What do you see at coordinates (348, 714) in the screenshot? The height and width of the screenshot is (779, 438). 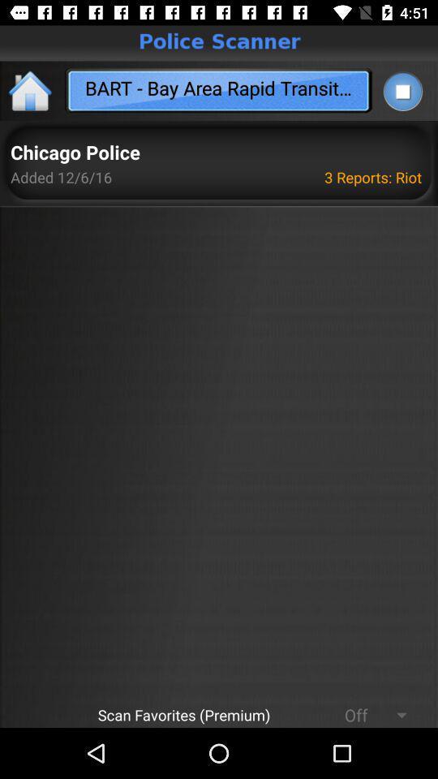 I see `the item to the right of scan favorites (premium)` at bounding box center [348, 714].